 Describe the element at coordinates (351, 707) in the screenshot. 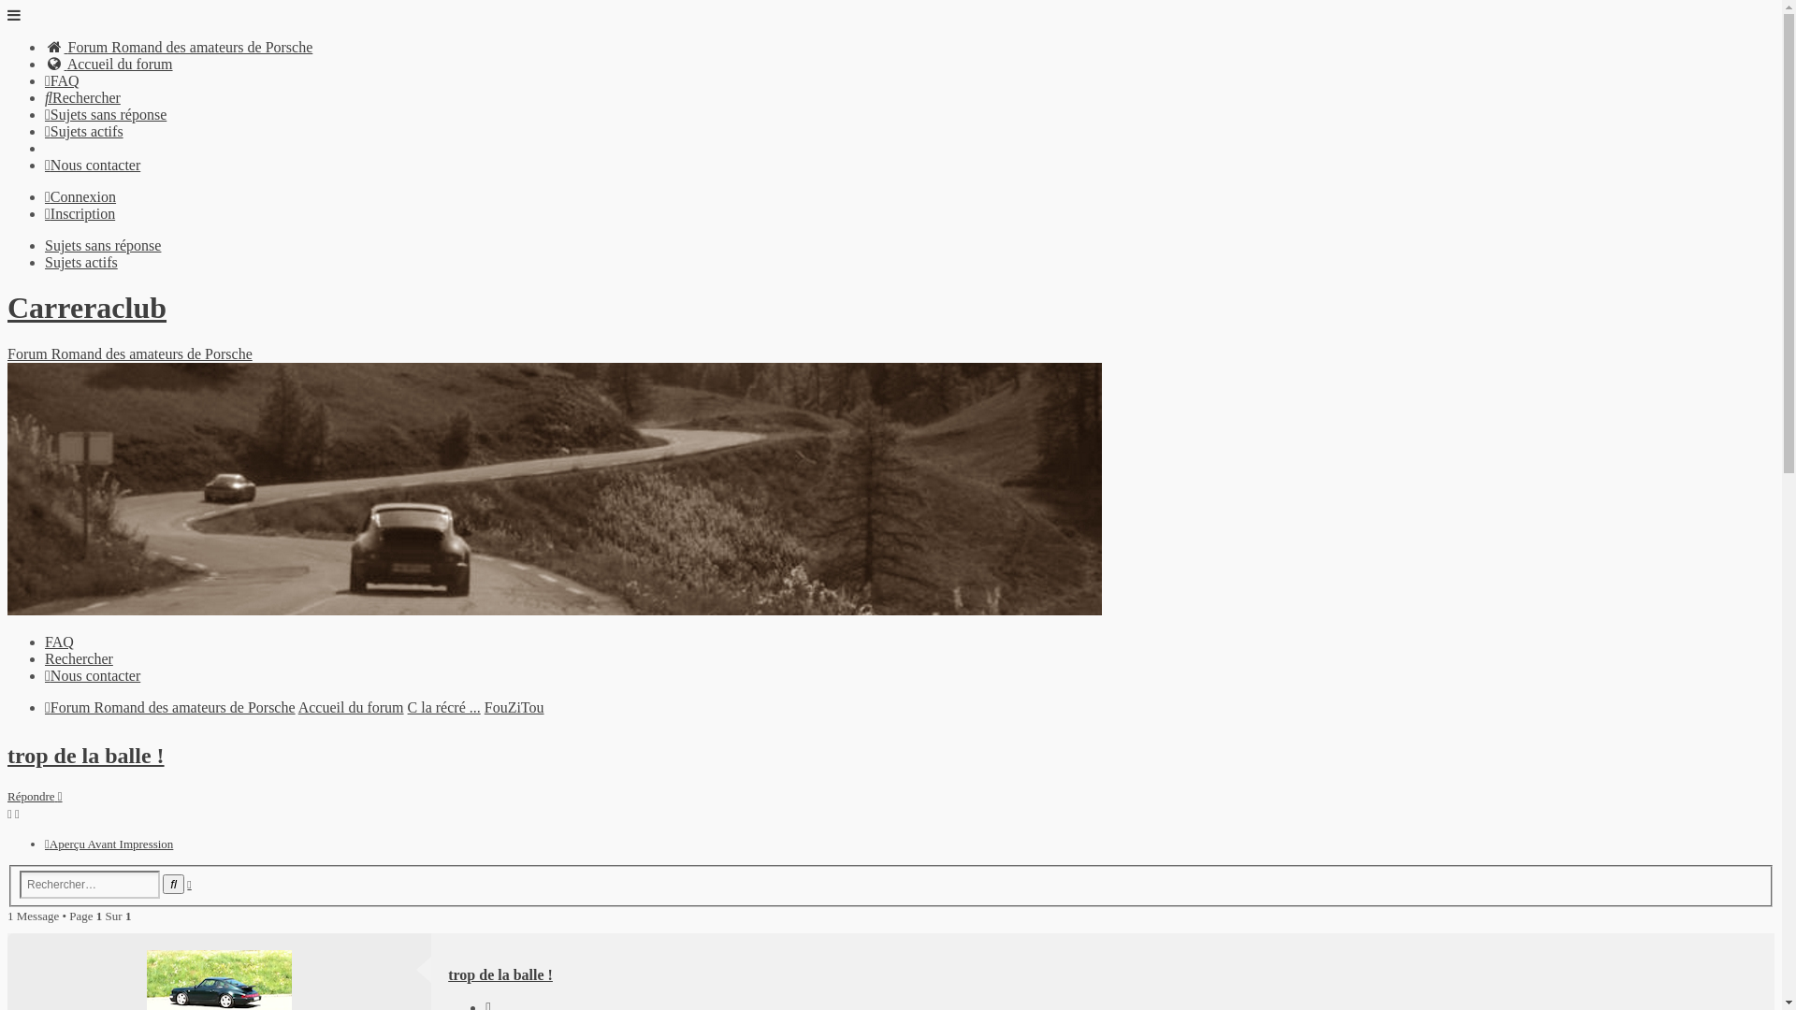

I see `'Accueil du forum'` at that location.